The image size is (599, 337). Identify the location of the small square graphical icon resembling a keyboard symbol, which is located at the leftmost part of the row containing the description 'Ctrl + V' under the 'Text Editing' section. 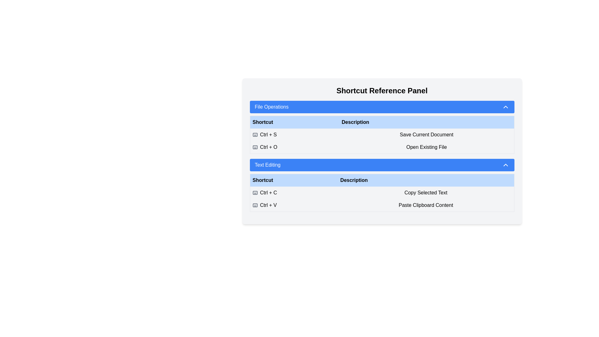
(255, 205).